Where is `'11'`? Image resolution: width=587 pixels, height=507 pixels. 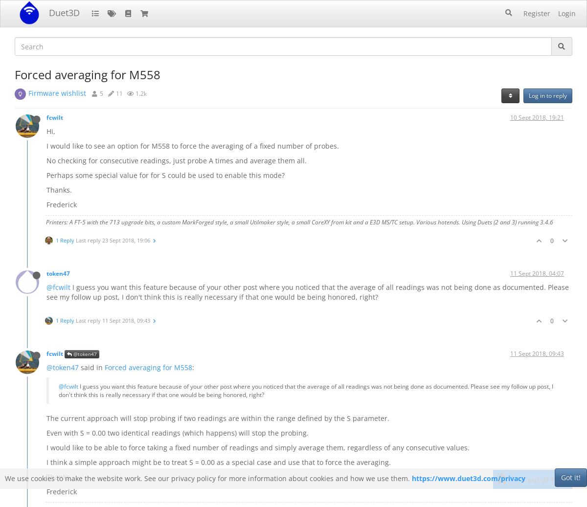 '11' is located at coordinates (118, 93).